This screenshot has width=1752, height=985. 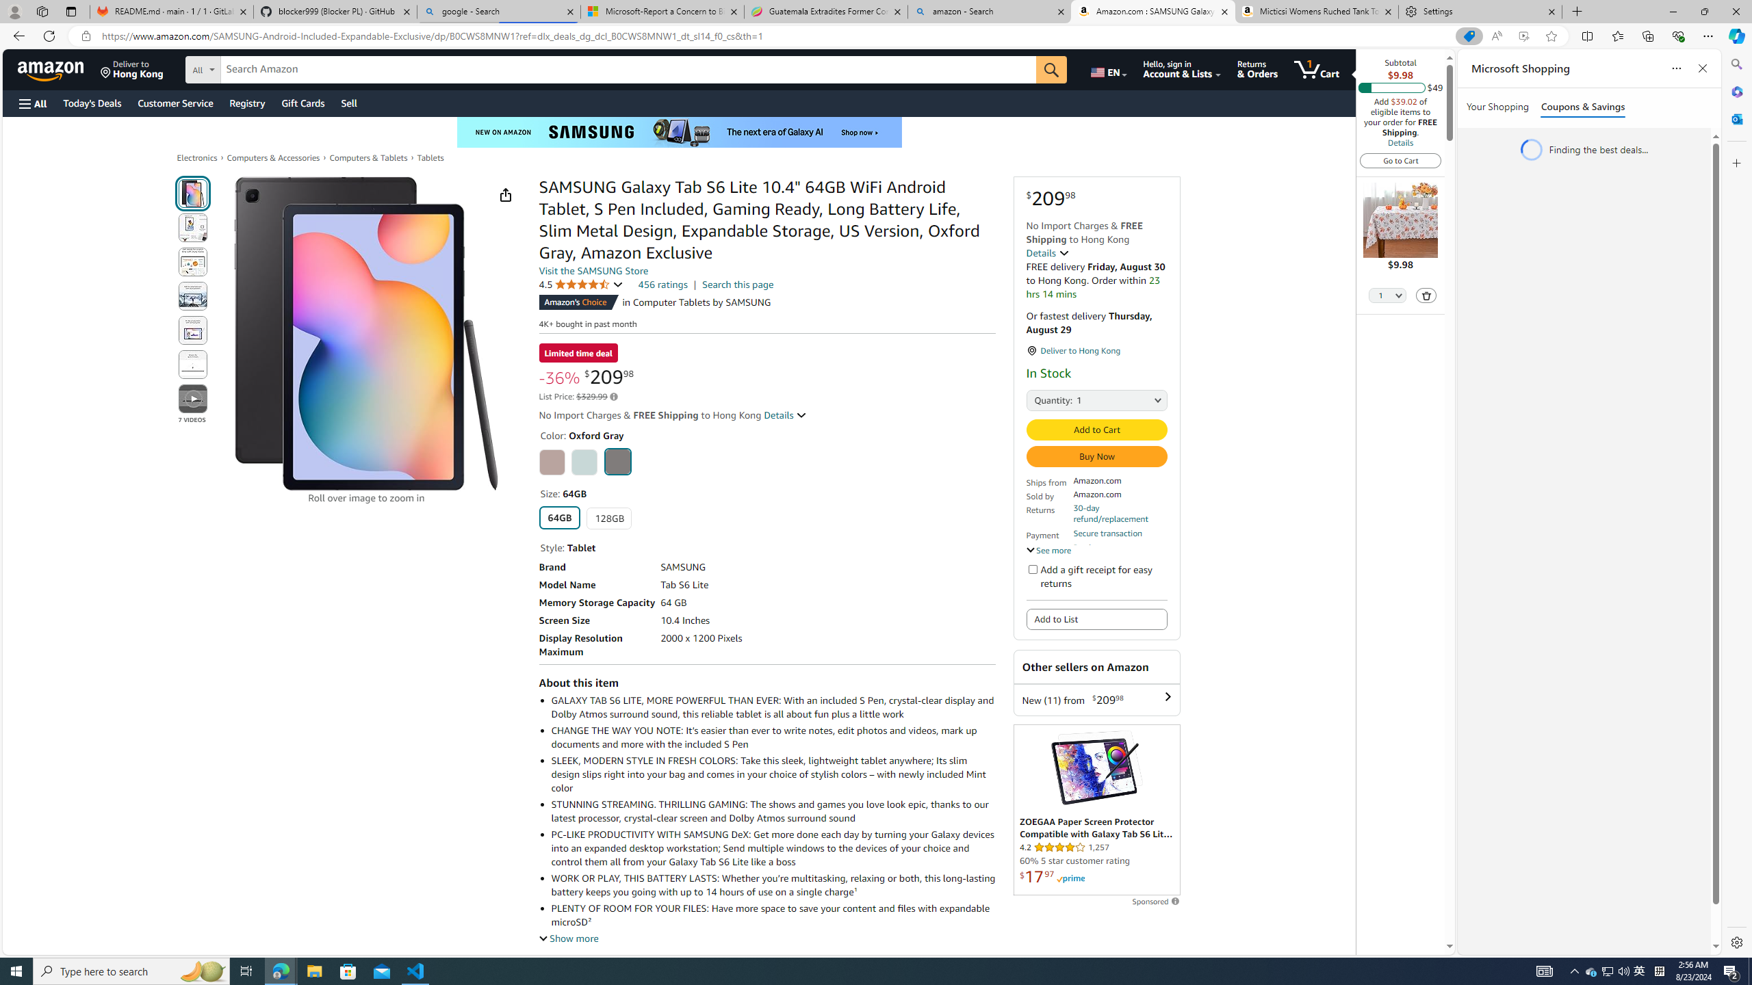 What do you see at coordinates (31, 103) in the screenshot?
I see `'Open Menu'` at bounding box center [31, 103].